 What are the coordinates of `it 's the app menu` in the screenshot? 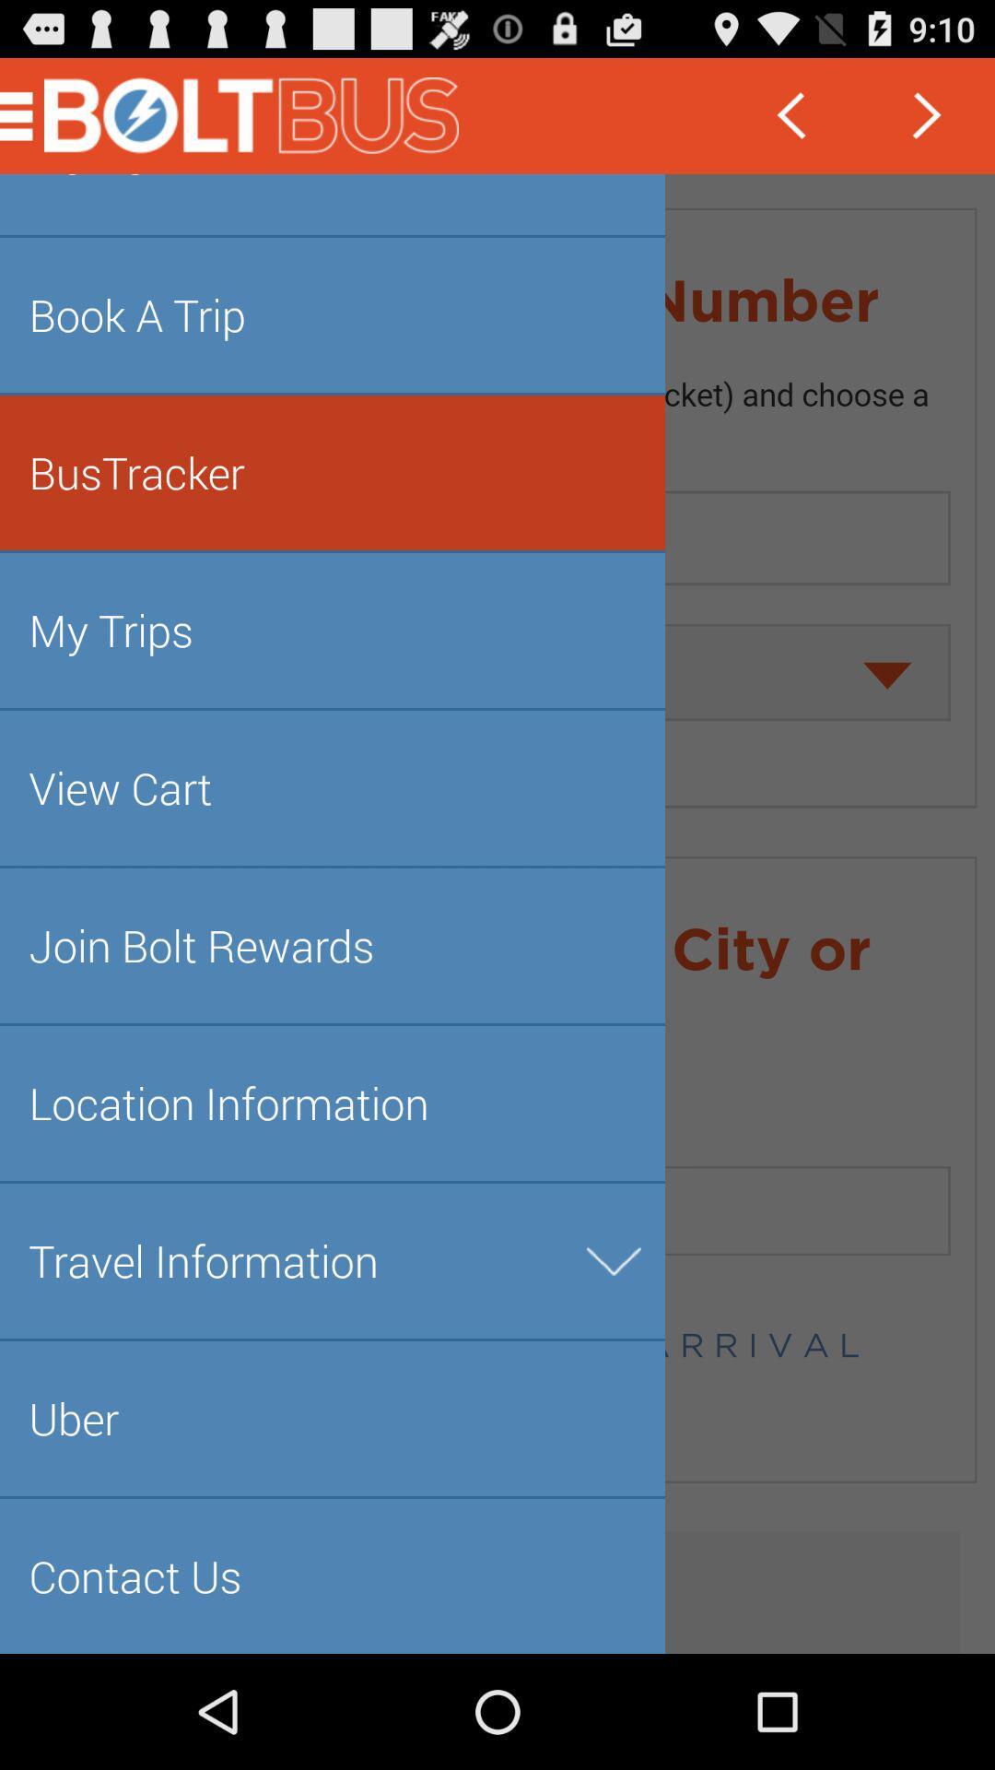 It's located at (497, 914).